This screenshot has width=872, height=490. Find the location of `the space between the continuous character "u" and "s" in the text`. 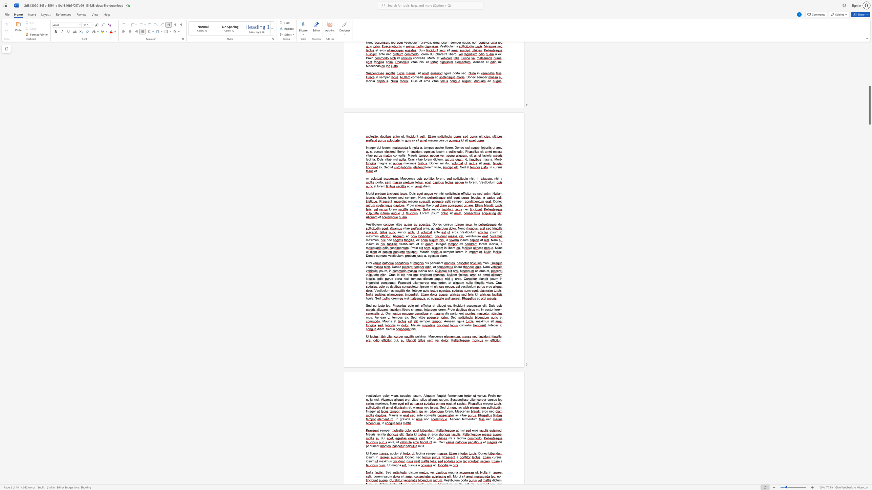

the space between the continuous character "u" and "s" in the text is located at coordinates (487, 321).